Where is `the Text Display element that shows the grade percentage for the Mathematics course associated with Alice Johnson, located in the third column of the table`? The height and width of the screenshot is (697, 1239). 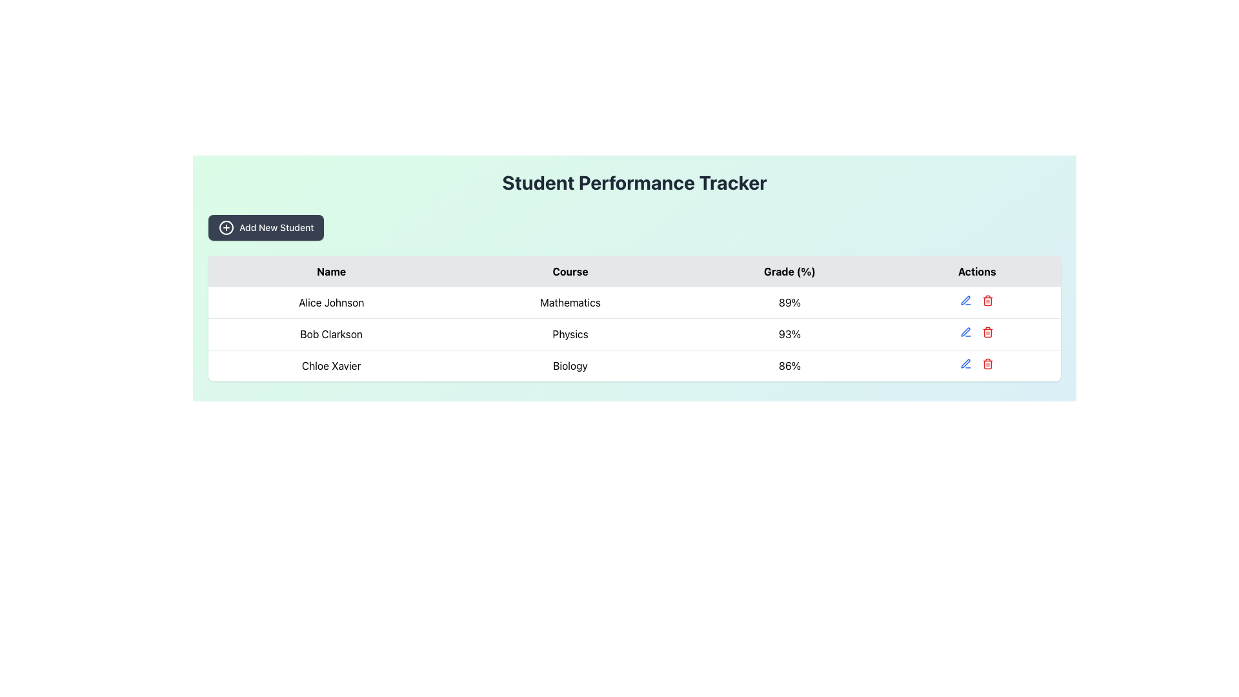
the Text Display element that shows the grade percentage for the Mathematics course associated with Alice Johnson, located in the third column of the table is located at coordinates (789, 303).